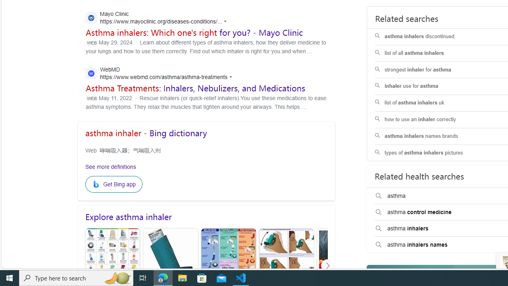  I want to click on 'Asthma Treatments: Inhalers, Nebulizers, and Medications', so click(196, 88).